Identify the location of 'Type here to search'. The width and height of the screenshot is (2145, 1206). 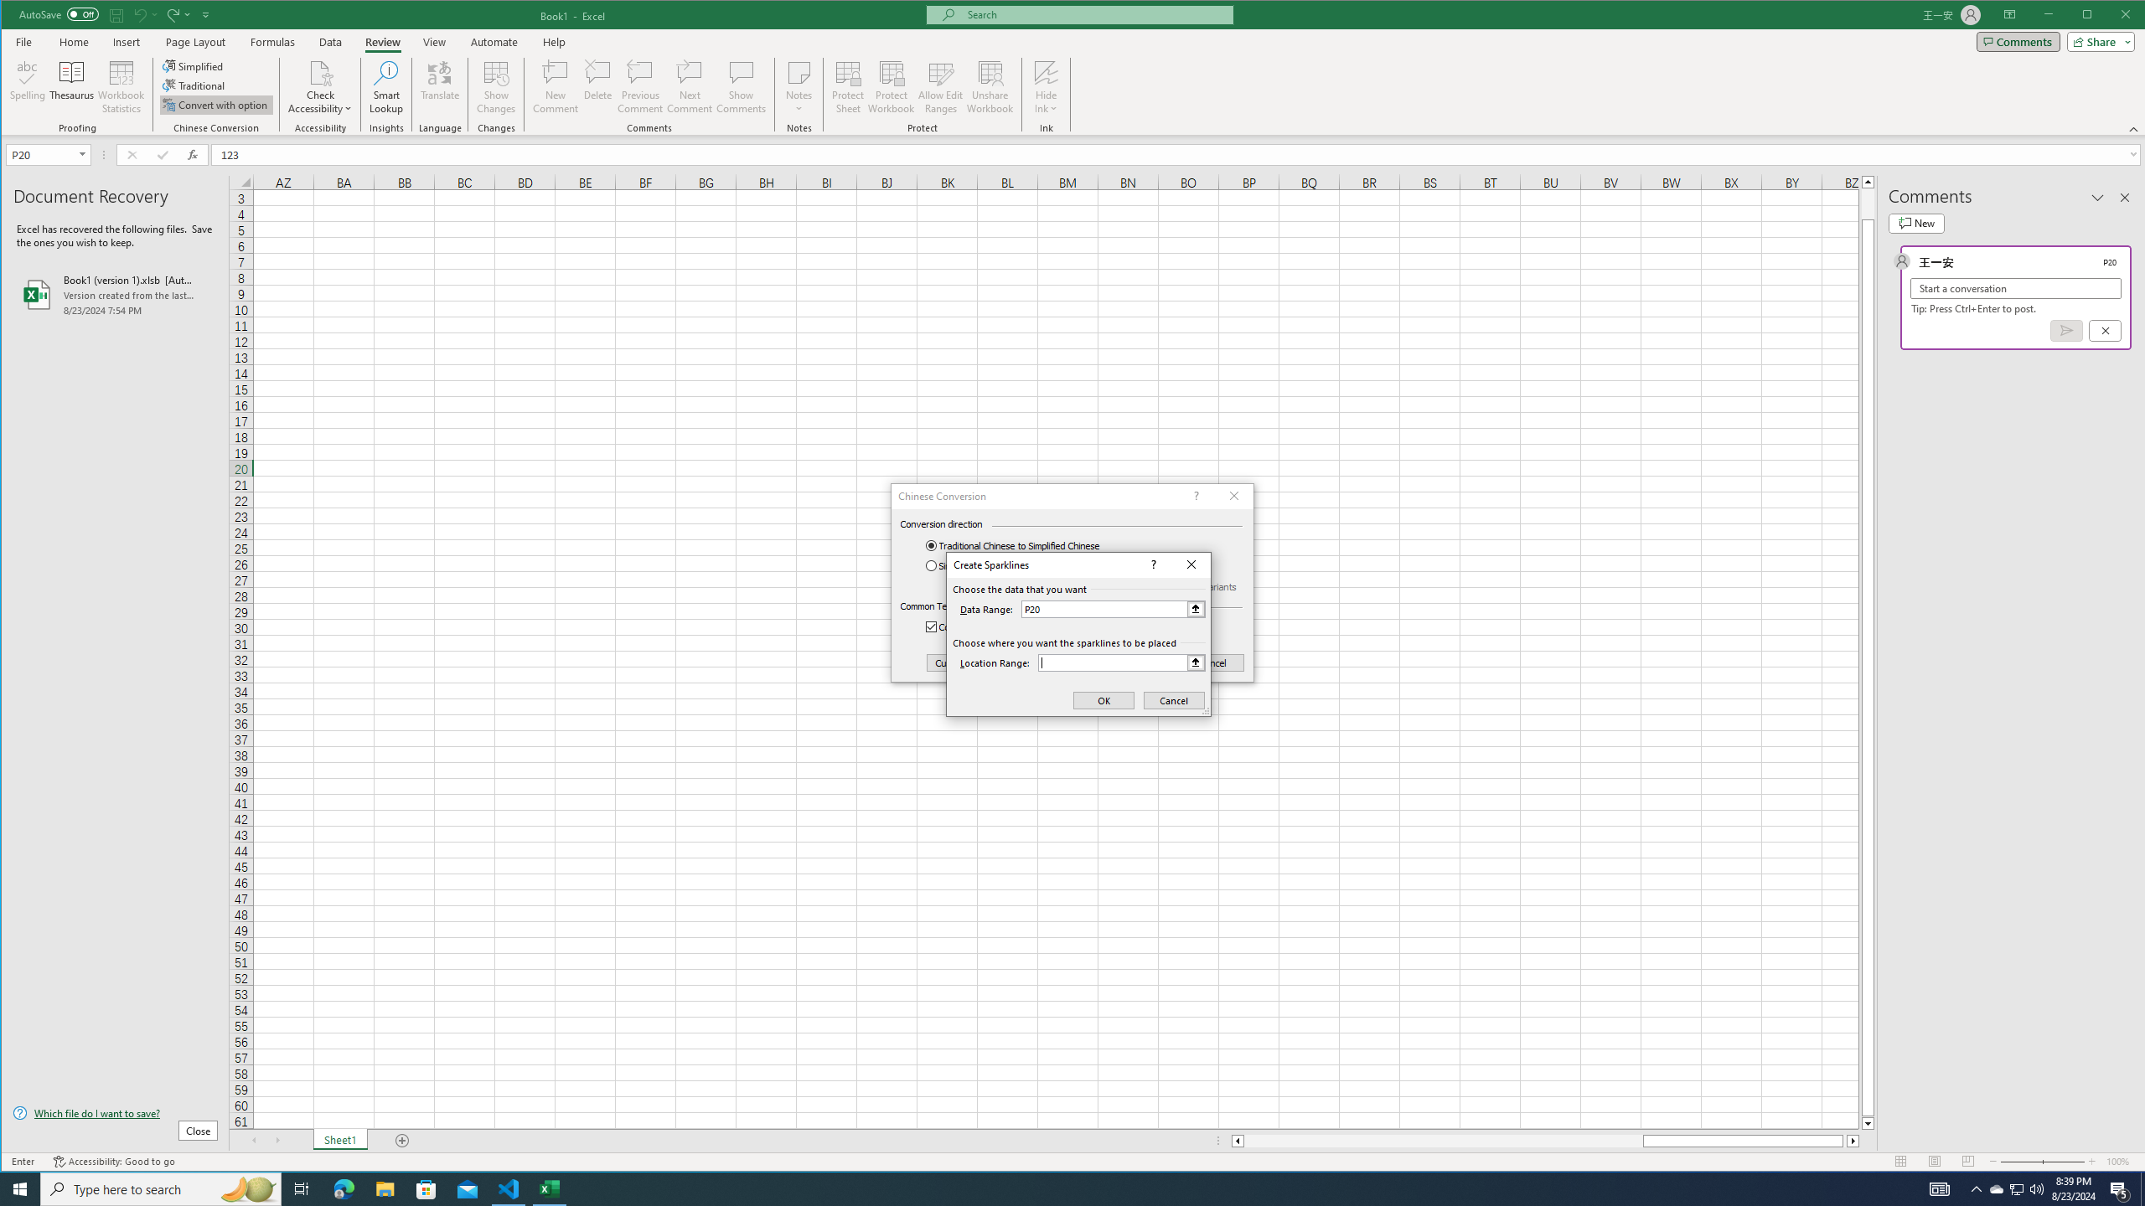
(160, 1188).